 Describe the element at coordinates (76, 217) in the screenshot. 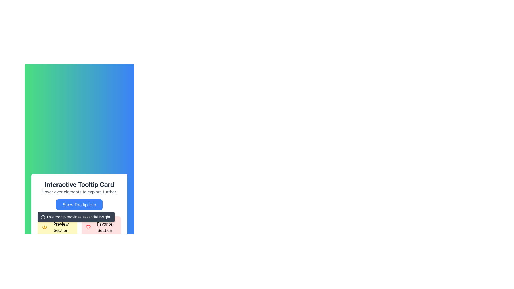

I see `information presented in the tooltip that appears below the 'Show Tooltip Info' button, aligned with its left edge` at that location.